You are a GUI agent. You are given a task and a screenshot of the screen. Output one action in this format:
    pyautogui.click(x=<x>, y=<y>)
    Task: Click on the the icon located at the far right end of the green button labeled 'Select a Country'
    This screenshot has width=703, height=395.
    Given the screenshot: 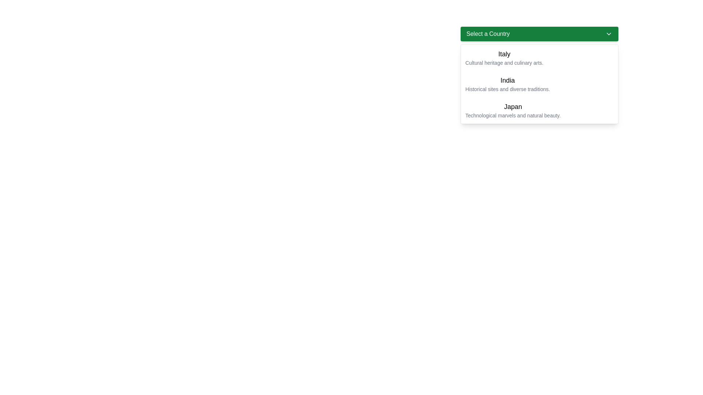 What is the action you would take?
    pyautogui.click(x=609, y=34)
    